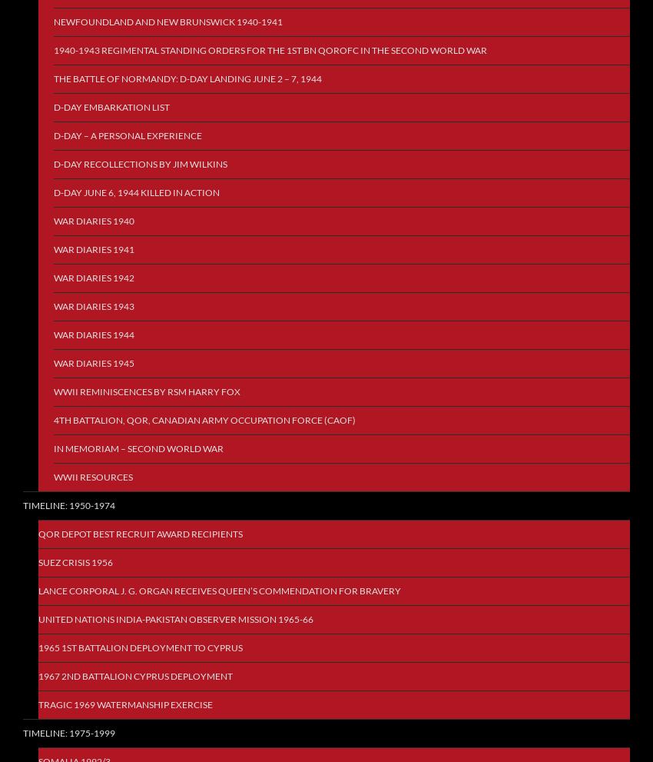 The width and height of the screenshot is (653, 762). Describe the element at coordinates (138, 448) in the screenshot. I see `'In Memoriam – Second World War'` at that location.